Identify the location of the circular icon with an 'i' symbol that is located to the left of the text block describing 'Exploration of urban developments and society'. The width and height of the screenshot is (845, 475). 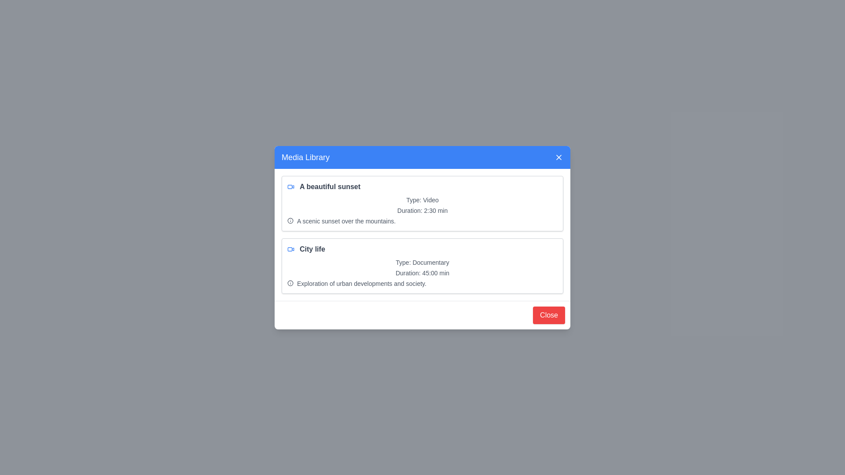
(290, 283).